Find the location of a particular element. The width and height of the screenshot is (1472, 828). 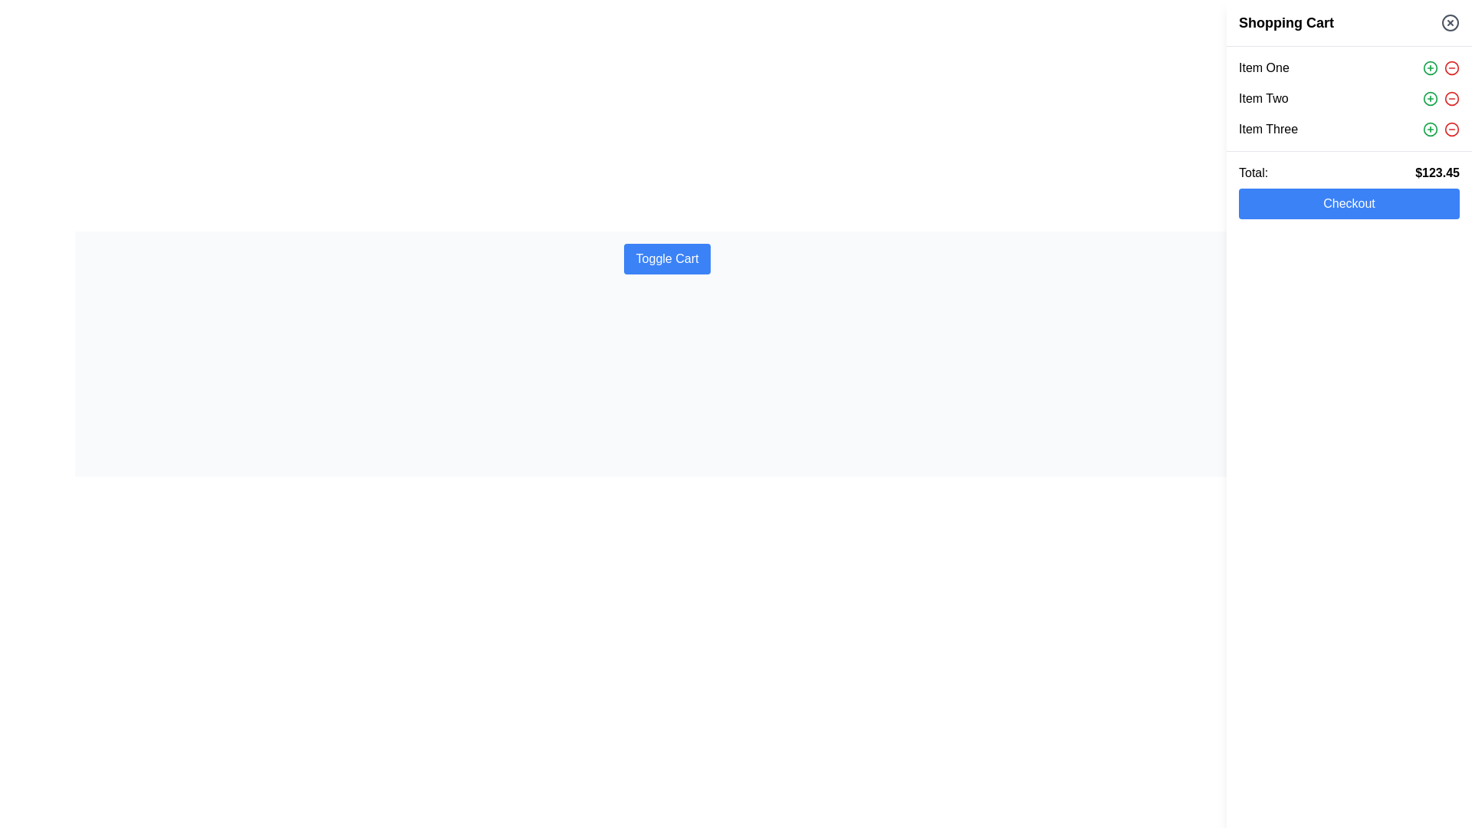

the static text label displaying 'Total:' in the shopping cart summary section, which is positioned above the blue 'Checkout' button is located at coordinates (1253, 172).